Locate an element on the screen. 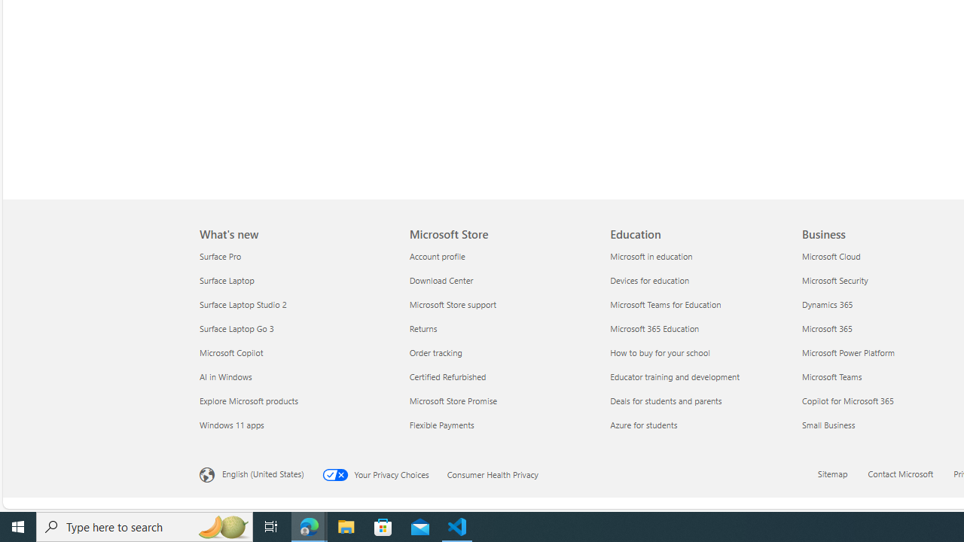 This screenshot has height=542, width=964. 'Surface Laptop Studio 2 What' is located at coordinates (243, 303).